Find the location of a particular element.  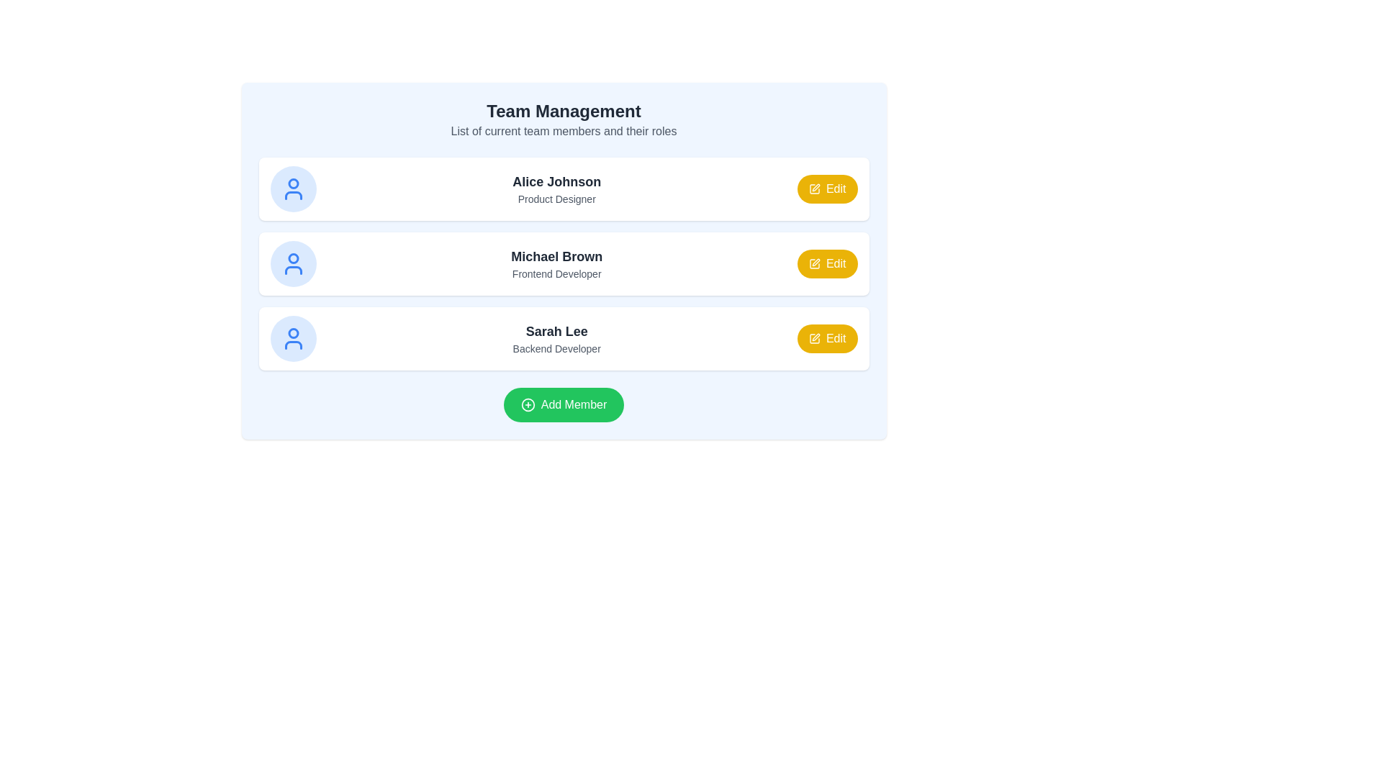

text block labeled 'Team Management' which serves as a header above the list of team members is located at coordinates (563, 119).